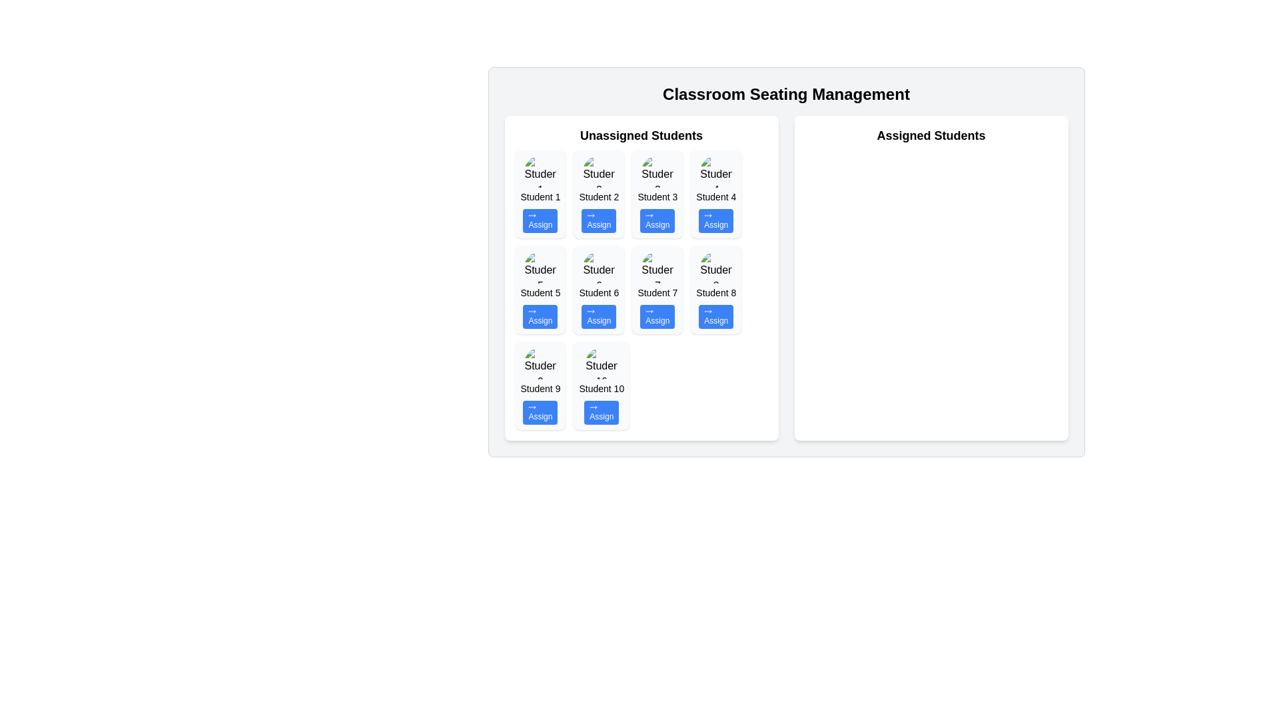  I want to click on the circular profile image showing the placeholder text 'Stu 9' located at the top of the ninth card in the 'Unassigned Students' section for identification, so click(540, 363).